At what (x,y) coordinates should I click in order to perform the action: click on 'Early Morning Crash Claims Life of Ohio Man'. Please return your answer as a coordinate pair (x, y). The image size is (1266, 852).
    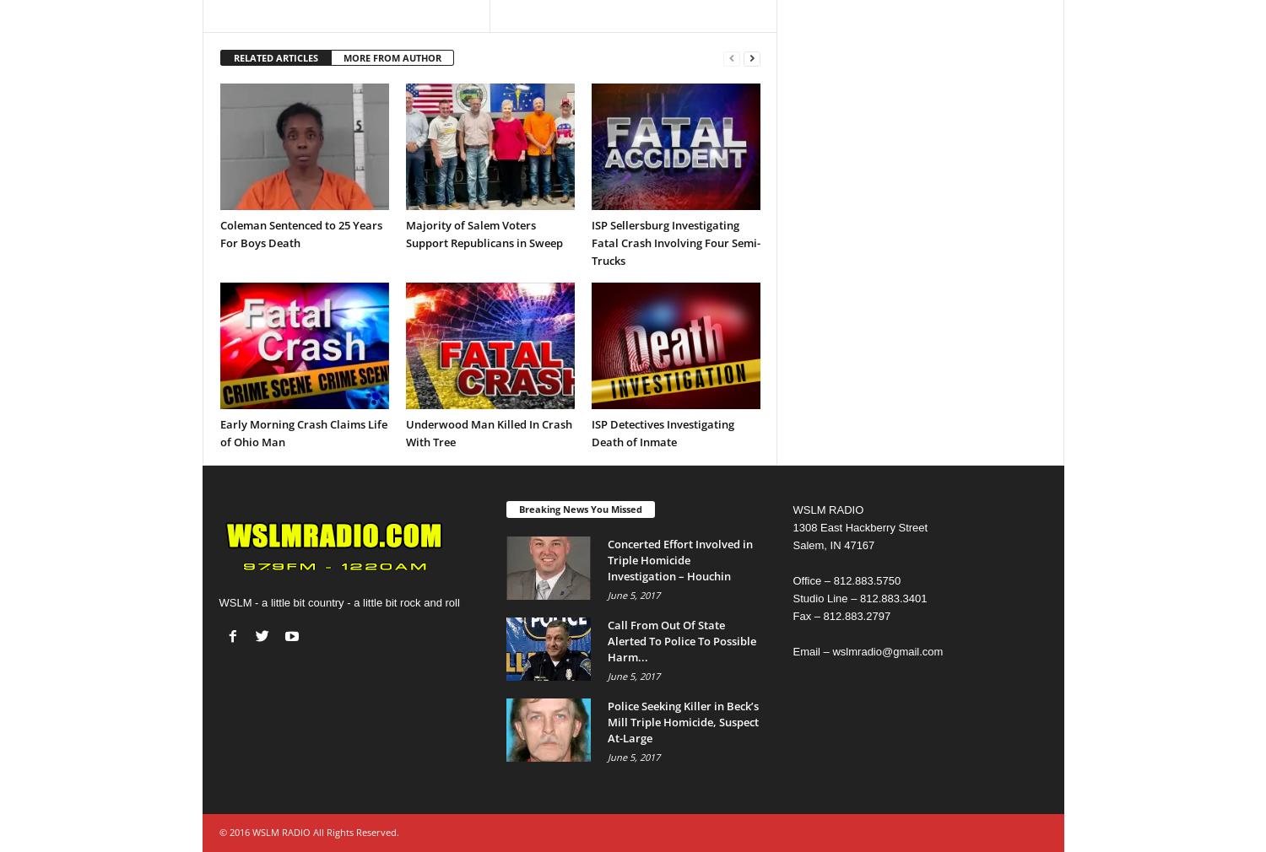
    Looking at the image, I should click on (301, 432).